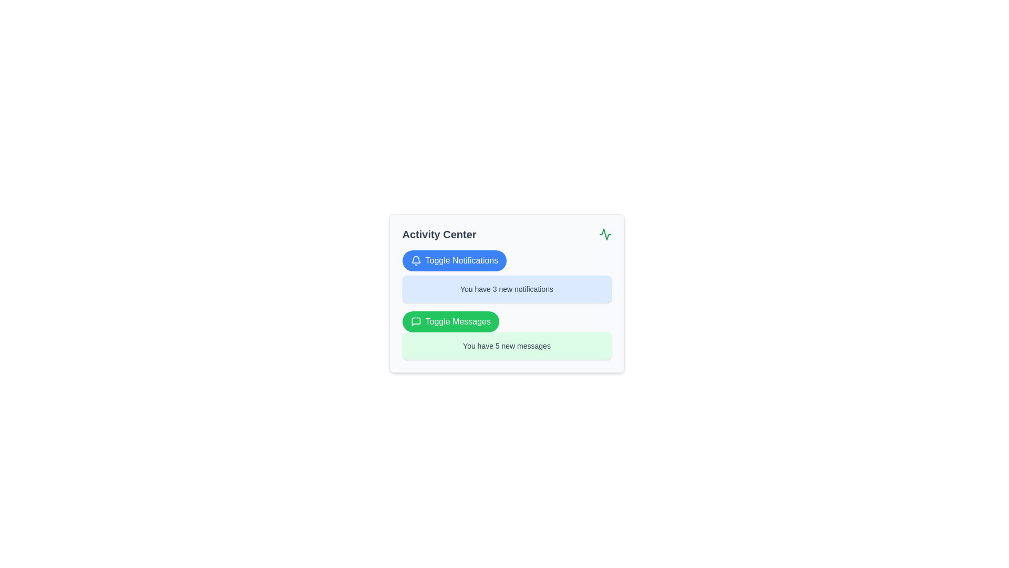  Describe the element at coordinates (415, 321) in the screenshot. I see `the speech bubble icon within the 'Toggle Messages' green button in the 'Activity Center' panel` at that location.